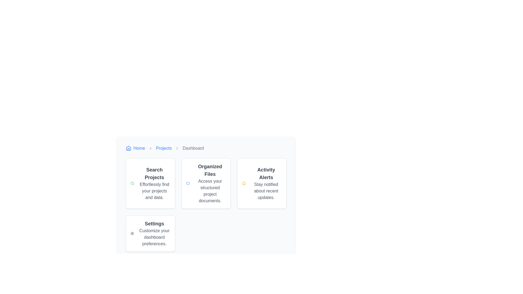 The image size is (523, 294). Describe the element at coordinates (135, 148) in the screenshot. I see `the 'Home' link in the top-left segment of the breadcrumb navigation bar, which features blue text and a house icon to the left` at that location.